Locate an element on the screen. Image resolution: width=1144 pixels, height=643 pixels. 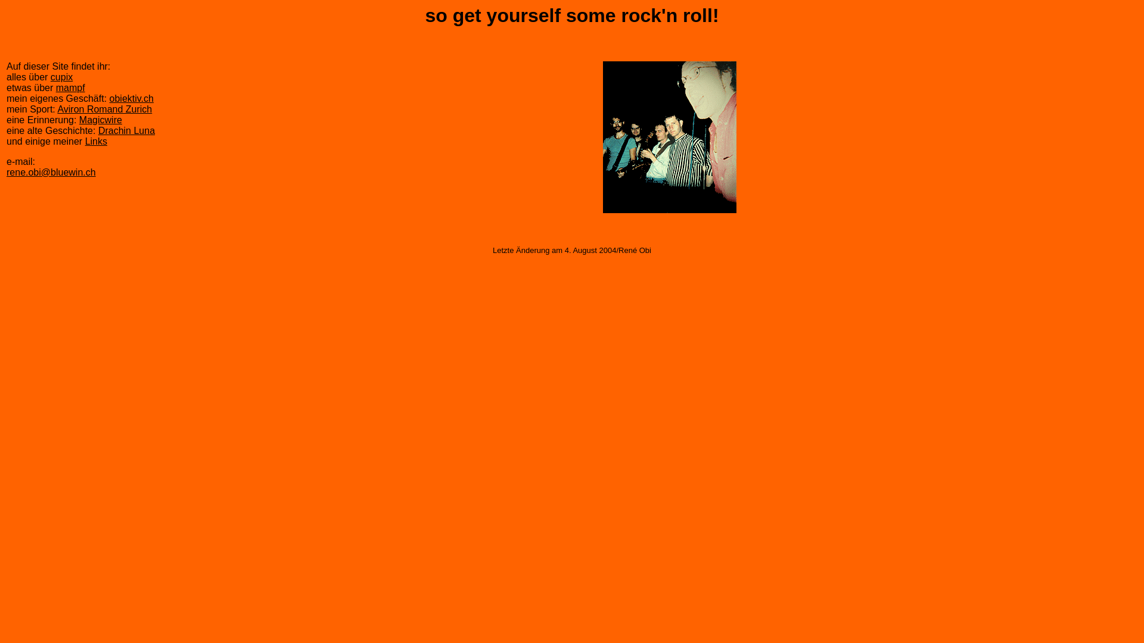
'cupix' is located at coordinates (61, 77).